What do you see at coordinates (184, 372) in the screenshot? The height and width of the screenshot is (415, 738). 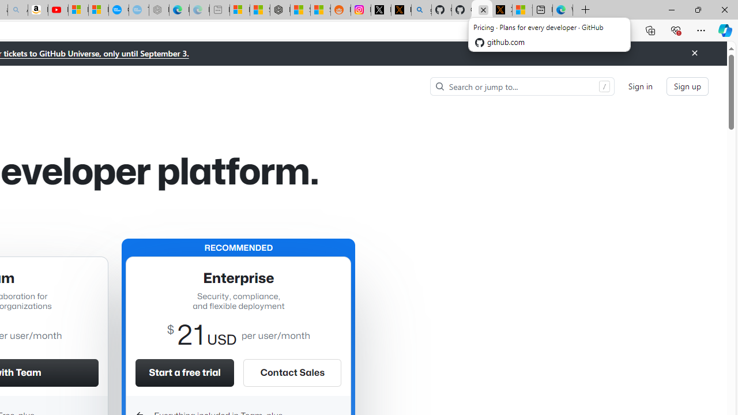 I see `'Start a free trial'` at bounding box center [184, 372].